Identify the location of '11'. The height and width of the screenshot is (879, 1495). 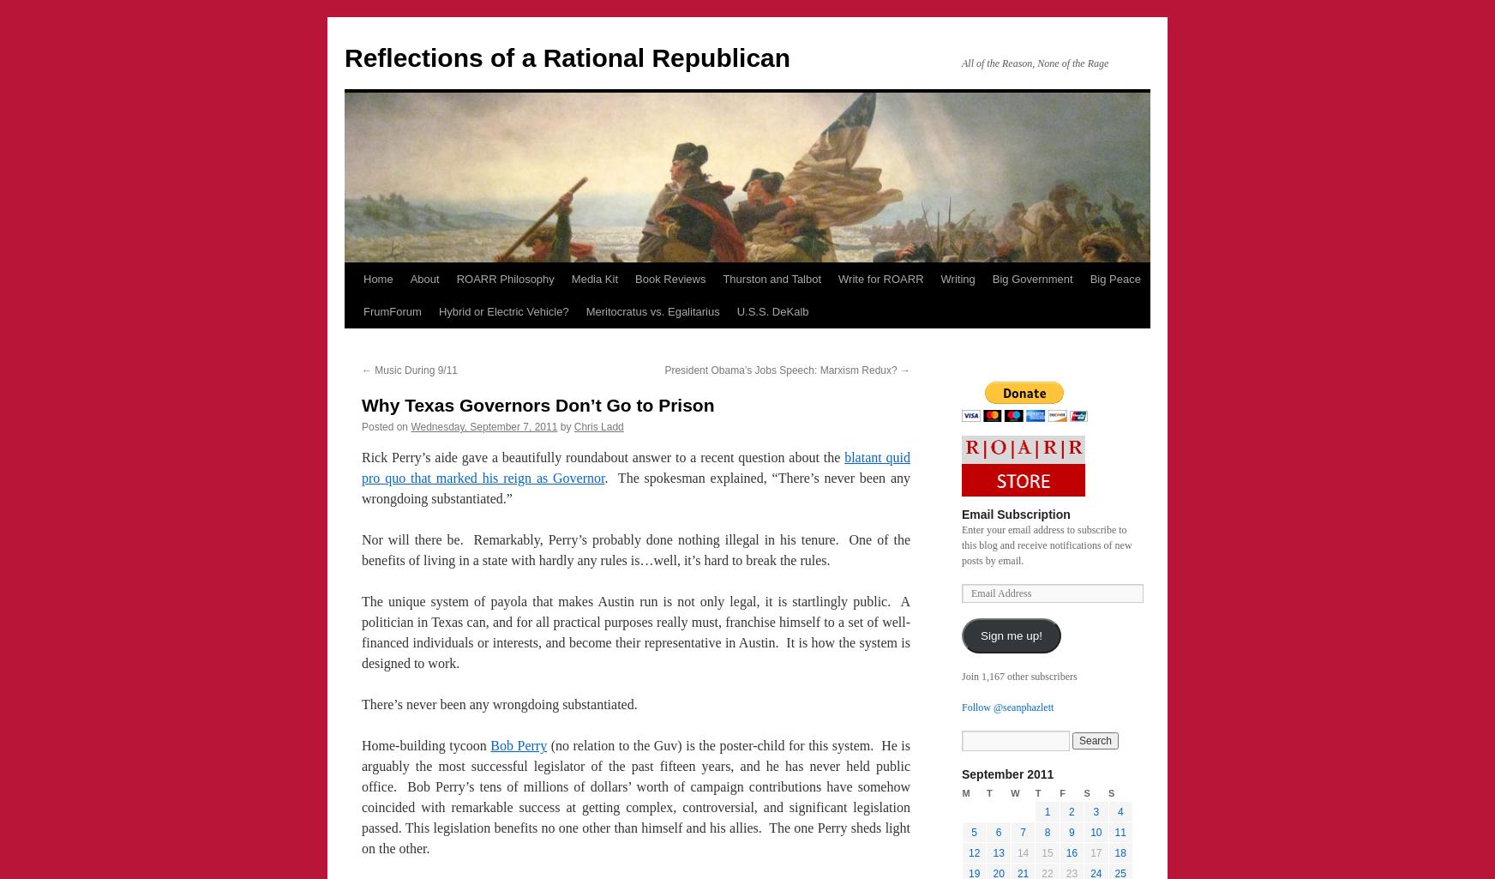
(1120, 832).